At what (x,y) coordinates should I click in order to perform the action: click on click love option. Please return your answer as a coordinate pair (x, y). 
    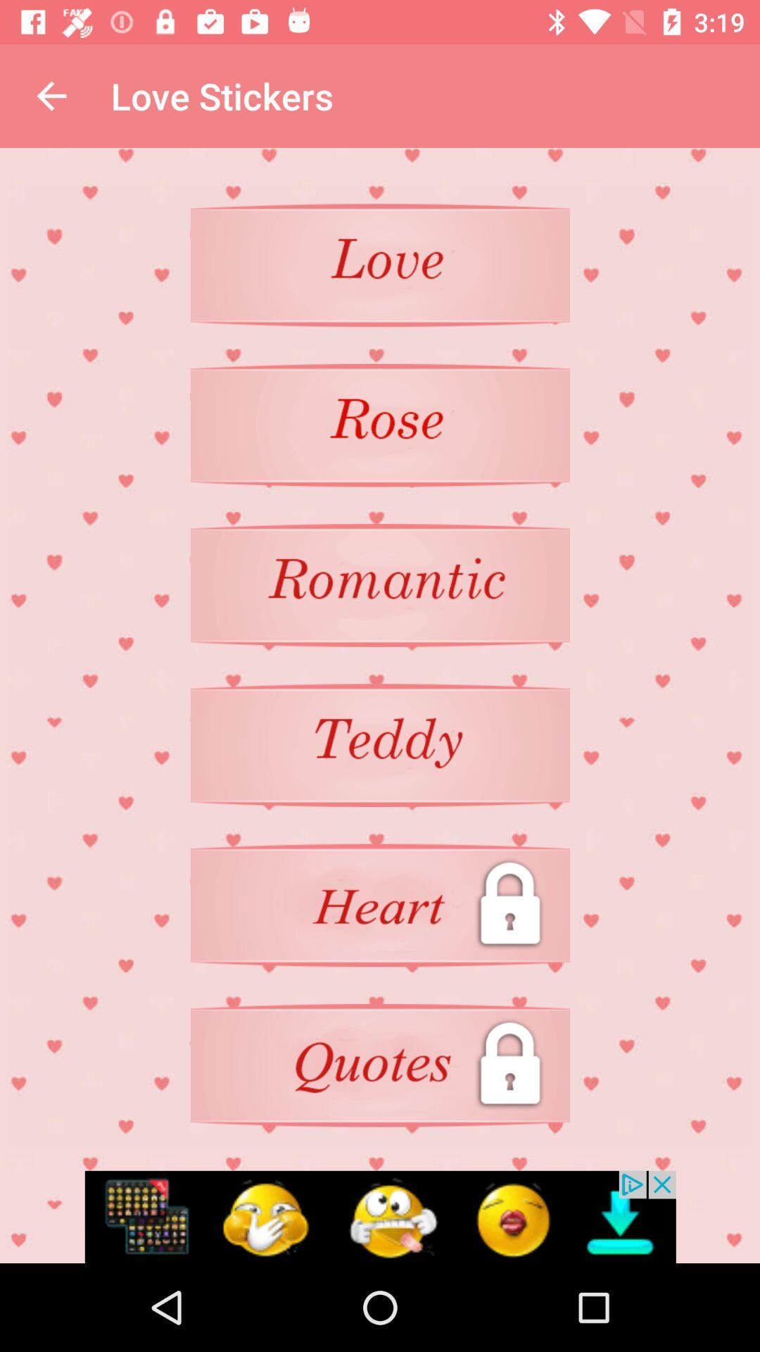
    Looking at the image, I should click on (380, 265).